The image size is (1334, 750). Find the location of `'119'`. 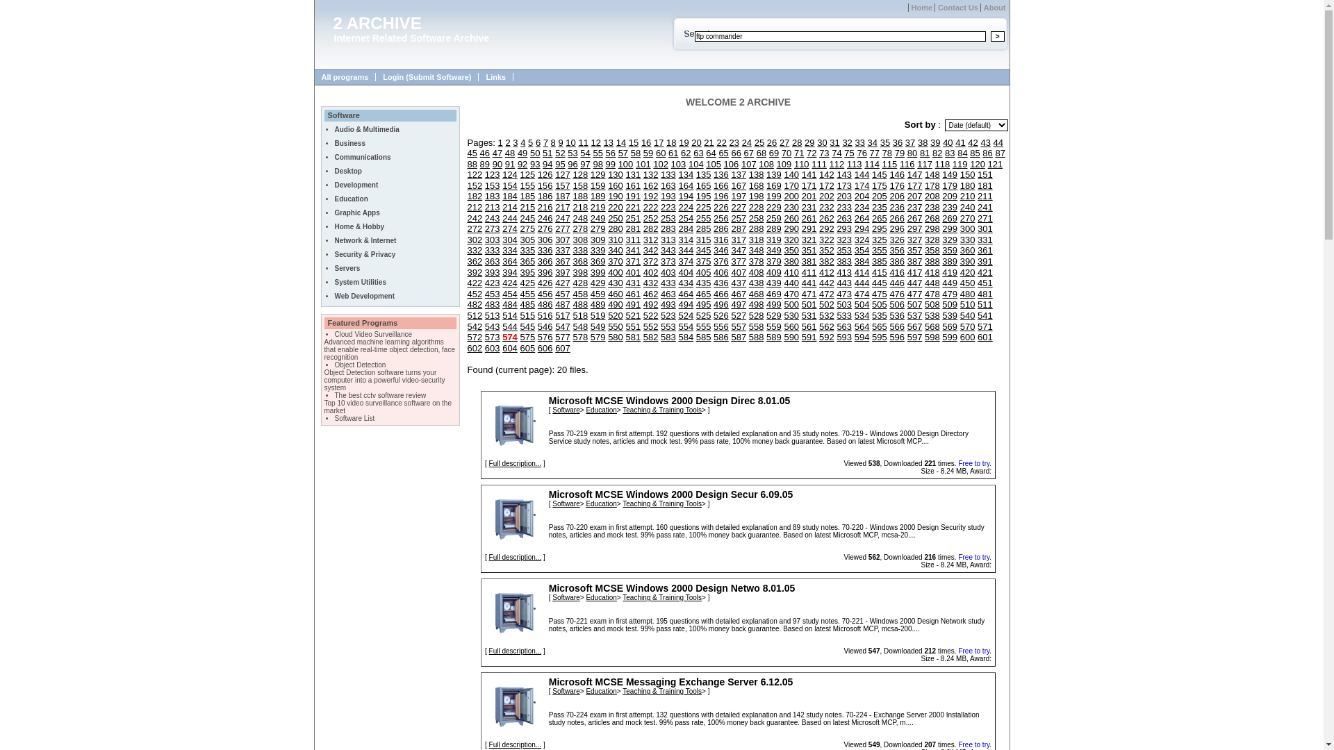

'119' is located at coordinates (960, 163).